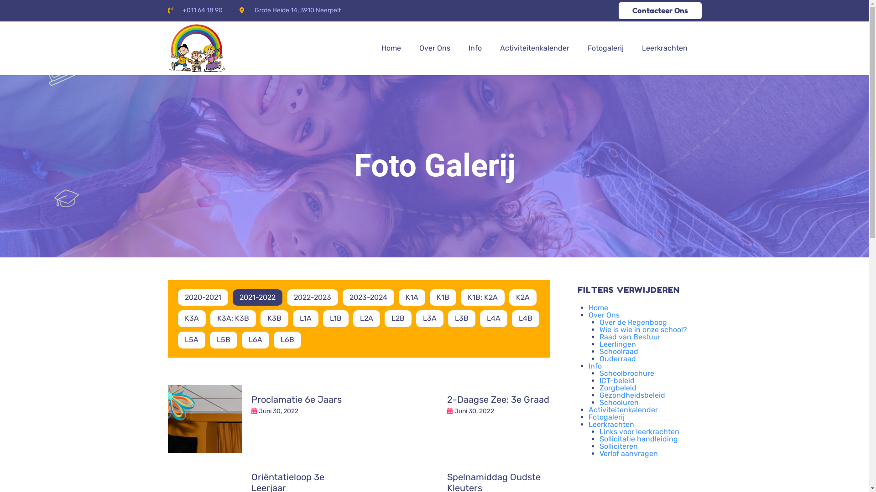 This screenshot has width=876, height=492. I want to click on 'Wie is wie in onze school?', so click(643, 329).